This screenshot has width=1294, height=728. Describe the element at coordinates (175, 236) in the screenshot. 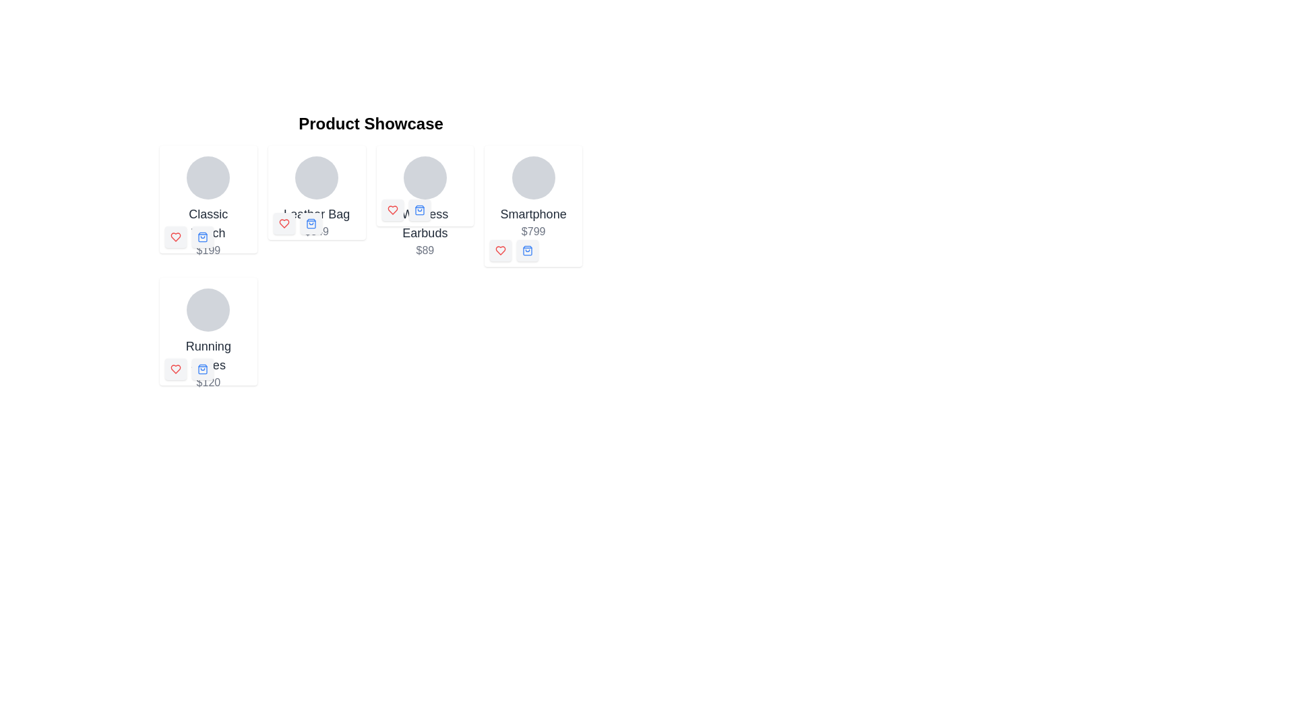

I see `the heart-shaped red icon in the 'Classic Watch' card, which is the first icon in the top row of the grid layout, positioned above the '$199' text` at that location.